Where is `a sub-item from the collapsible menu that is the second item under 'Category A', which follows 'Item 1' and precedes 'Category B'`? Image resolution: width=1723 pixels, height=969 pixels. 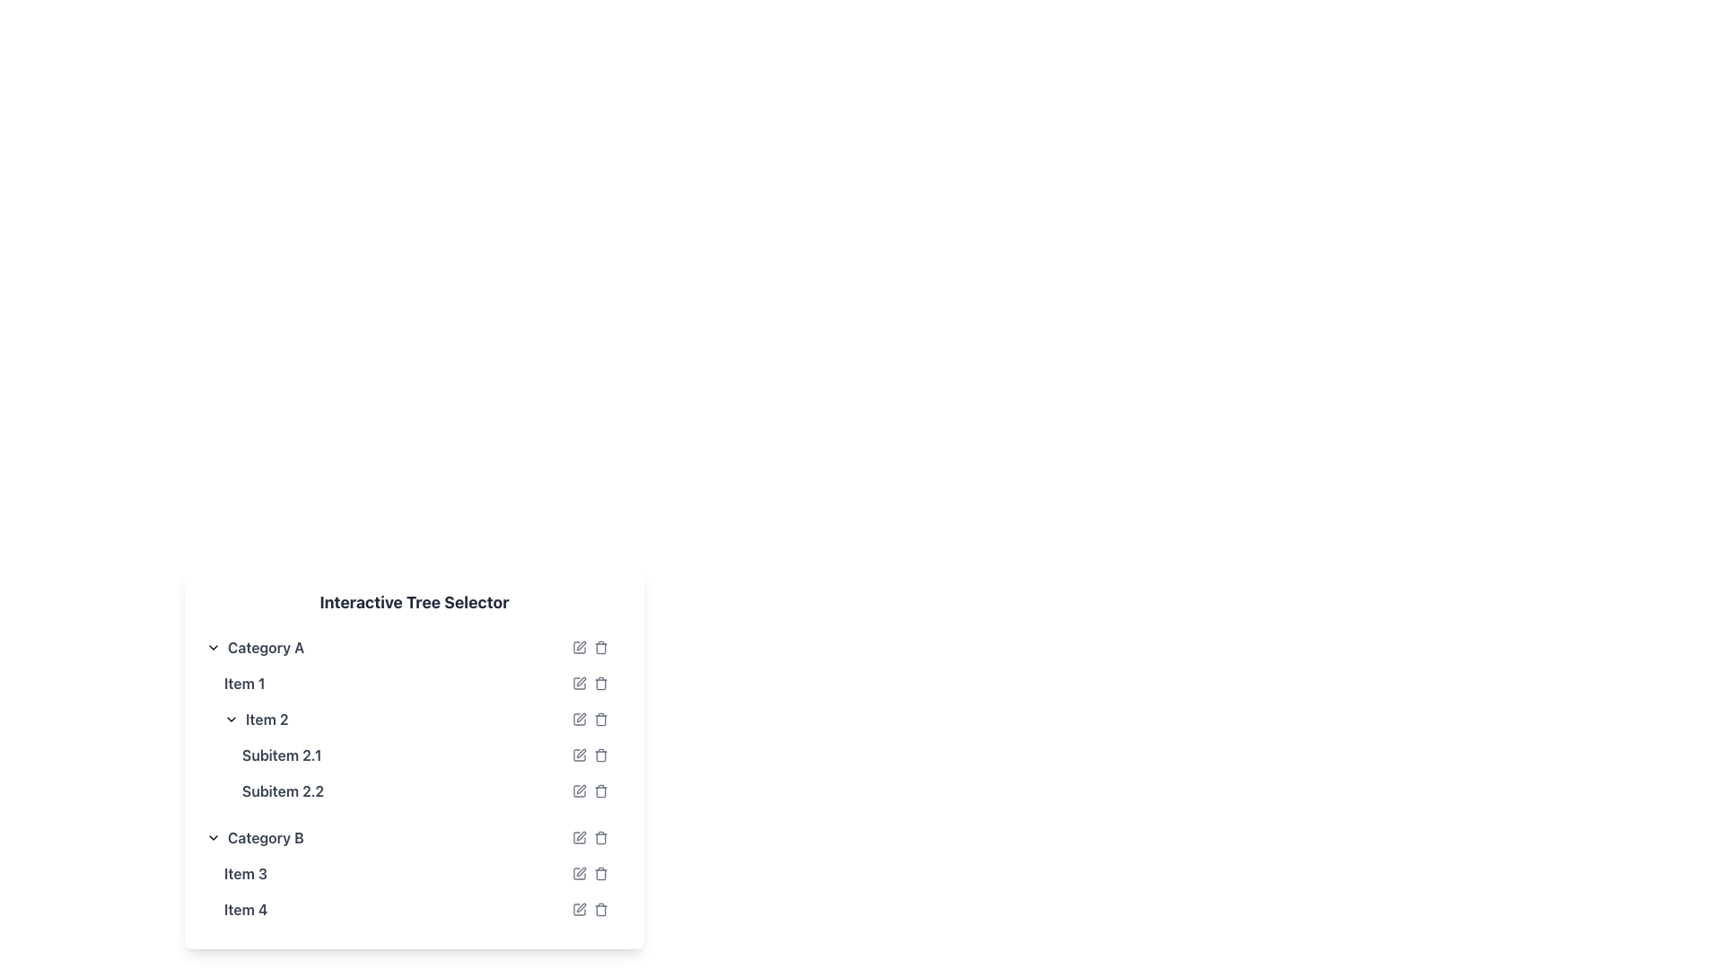
a sub-item from the collapsible menu that is the second item under 'Category A', which follows 'Item 1' and precedes 'Category B' is located at coordinates (413, 755).